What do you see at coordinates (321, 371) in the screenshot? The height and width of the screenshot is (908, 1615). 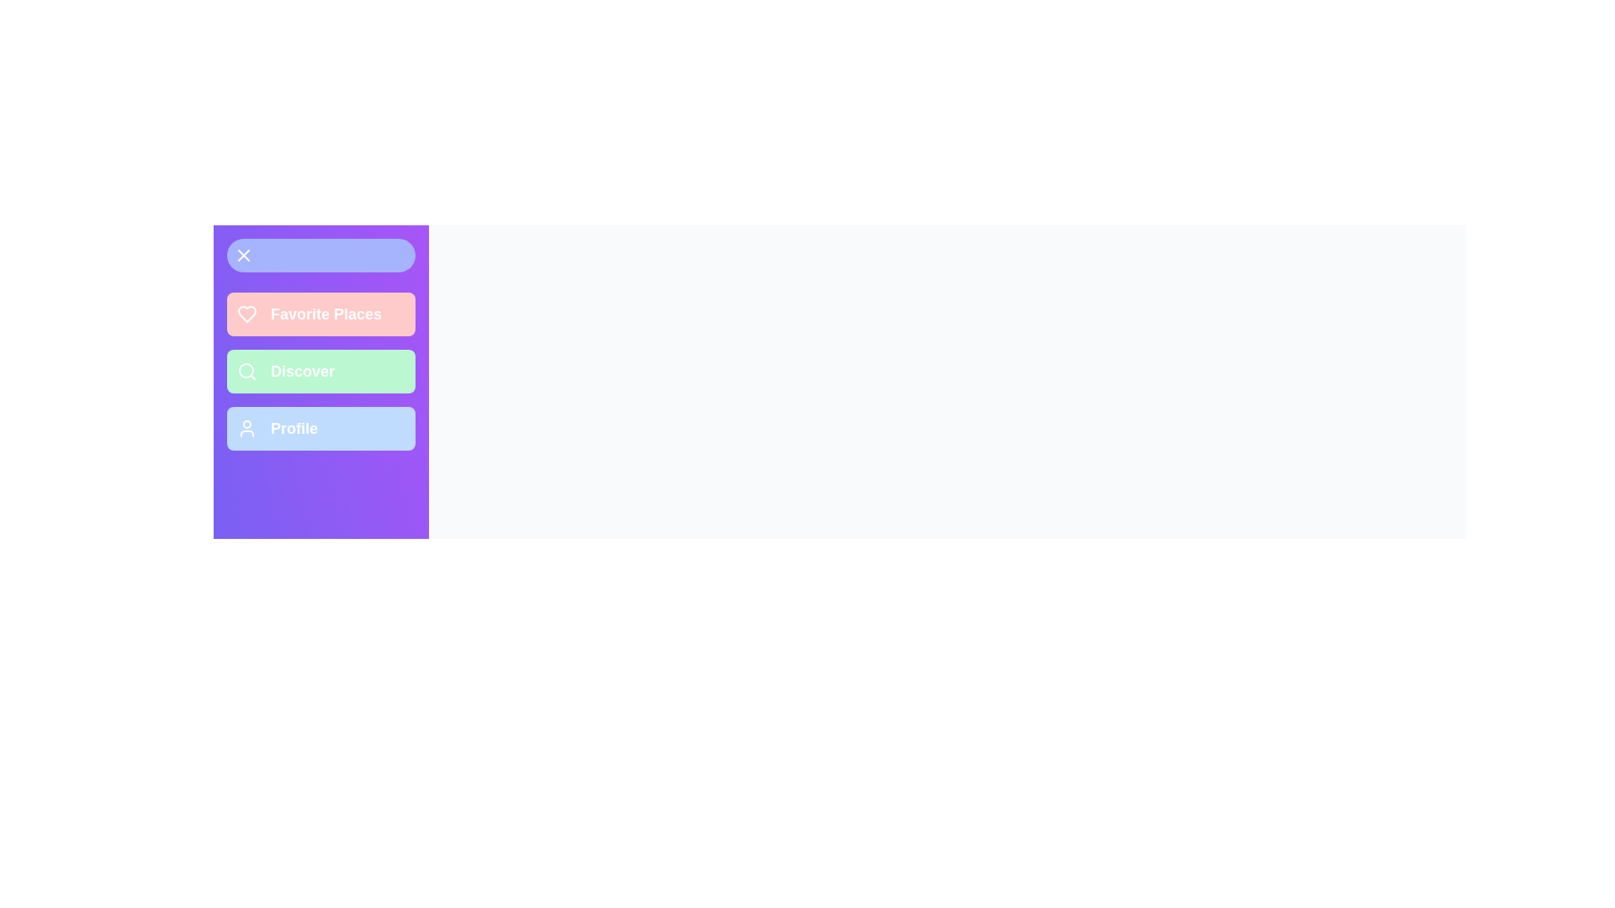 I see `the 'Discover' menu item` at bounding box center [321, 371].